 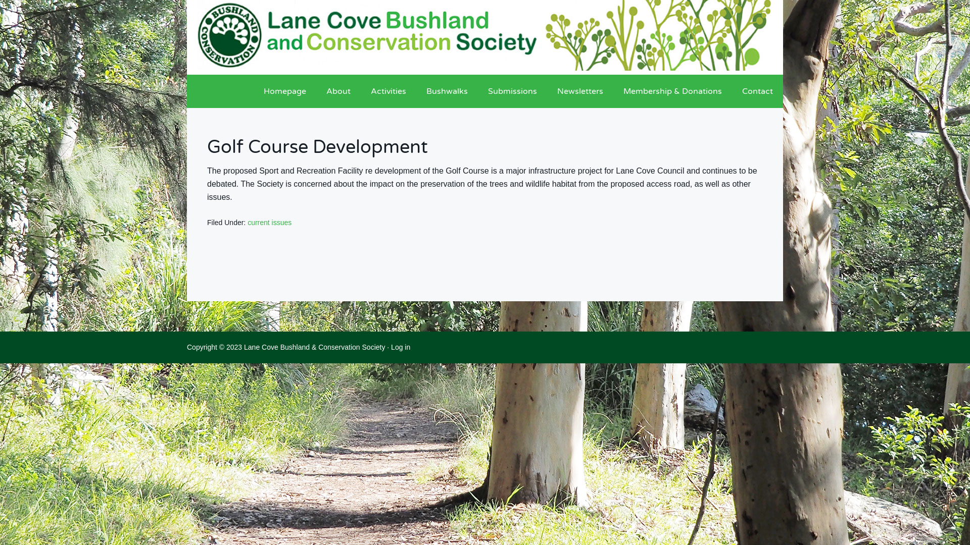 What do you see at coordinates (254, 91) in the screenshot?
I see `'Homepage'` at bounding box center [254, 91].